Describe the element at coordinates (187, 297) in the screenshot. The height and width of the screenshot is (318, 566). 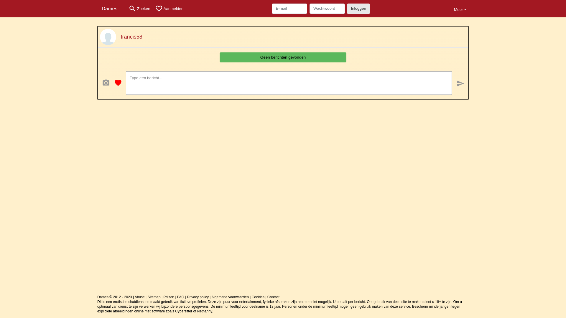
I see `'Privacy policy'` at that location.